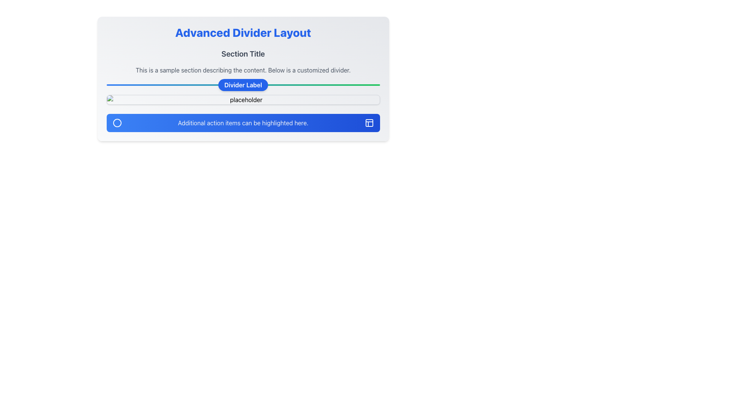  What do you see at coordinates (243, 85) in the screenshot?
I see `the Decorative Divider labeled 'Divider Label', which is a blue rounded-corner badge centered within a gradient line, positioned between a descriptive paragraph and a placeholder image` at bounding box center [243, 85].